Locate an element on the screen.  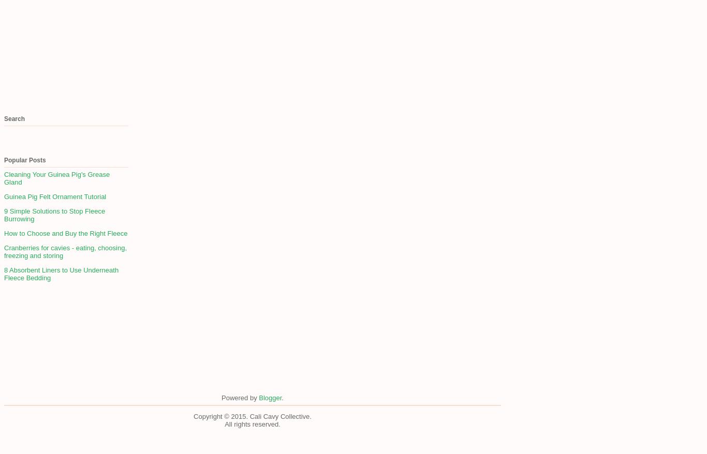
'Guinea Pig Felt Ornament Tutorial' is located at coordinates (55, 196).